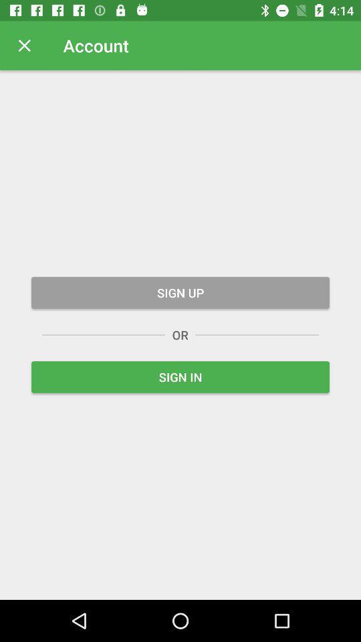 This screenshot has height=642, width=361. What do you see at coordinates (180, 377) in the screenshot?
I see `sign in` at bounding box center [180, 377].